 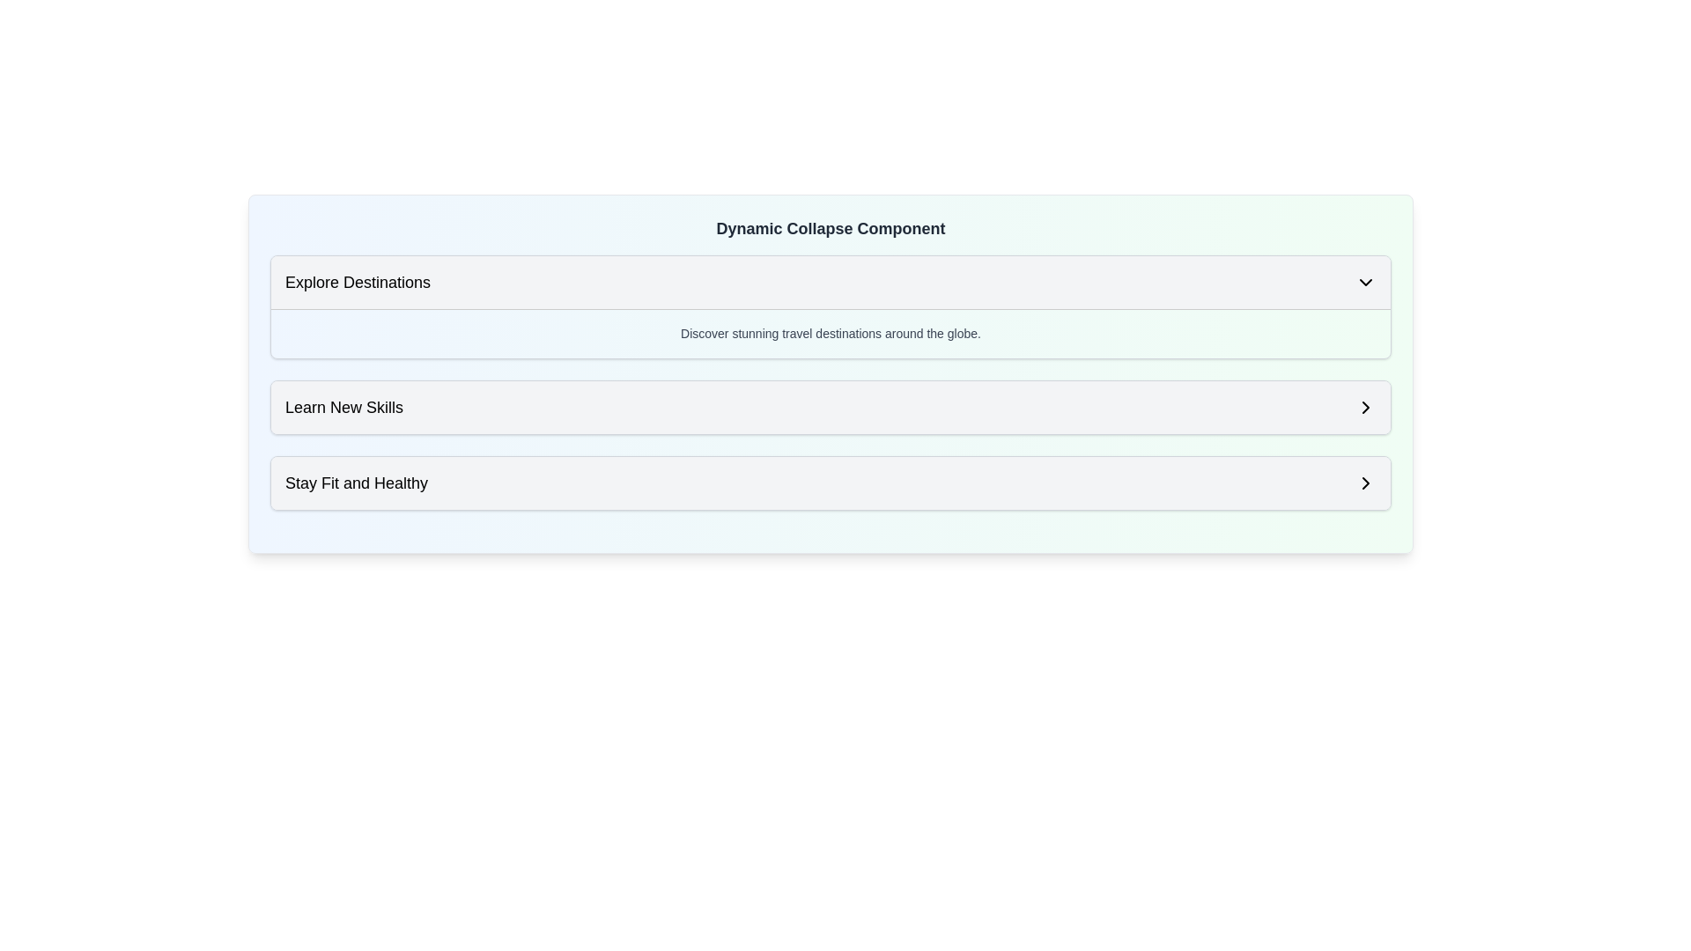 What do you see at coordinates (830, 334) in the screenshot?
I see `descriptive information provided by the Static Text Label located in the expanded 'Explore Destinations' panel, which is the only content in its section` at bounding box center [830, 334].